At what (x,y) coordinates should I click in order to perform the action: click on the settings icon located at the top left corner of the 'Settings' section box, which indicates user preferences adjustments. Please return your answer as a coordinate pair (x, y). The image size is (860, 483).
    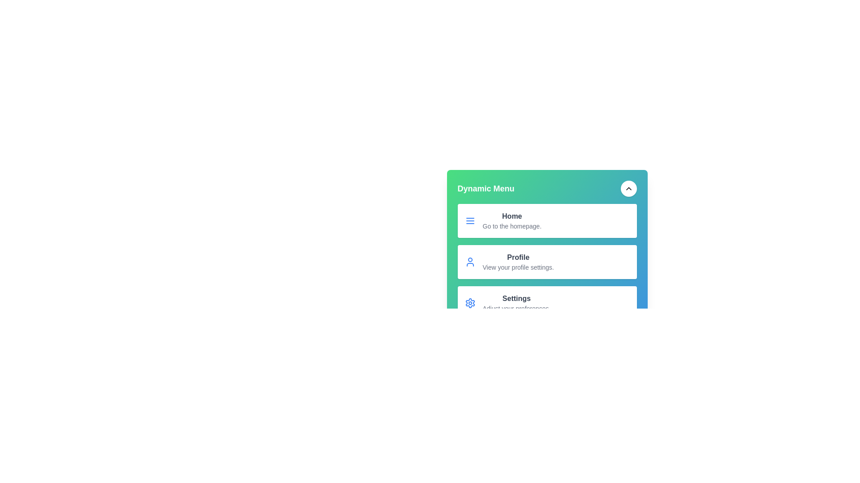
    Looking at the image, I should click on (469, 303).